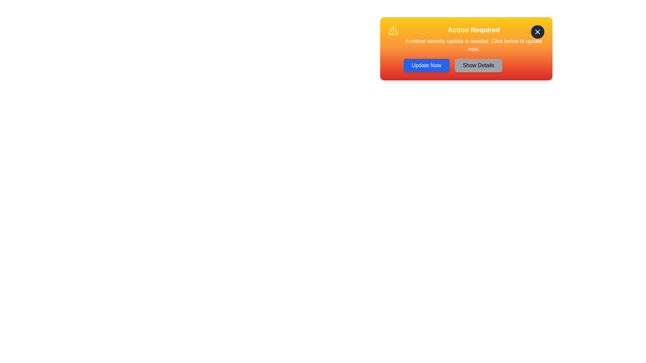  I want to click on the close button (X icon) at the top-right corner of the alert, so click(537, 32).